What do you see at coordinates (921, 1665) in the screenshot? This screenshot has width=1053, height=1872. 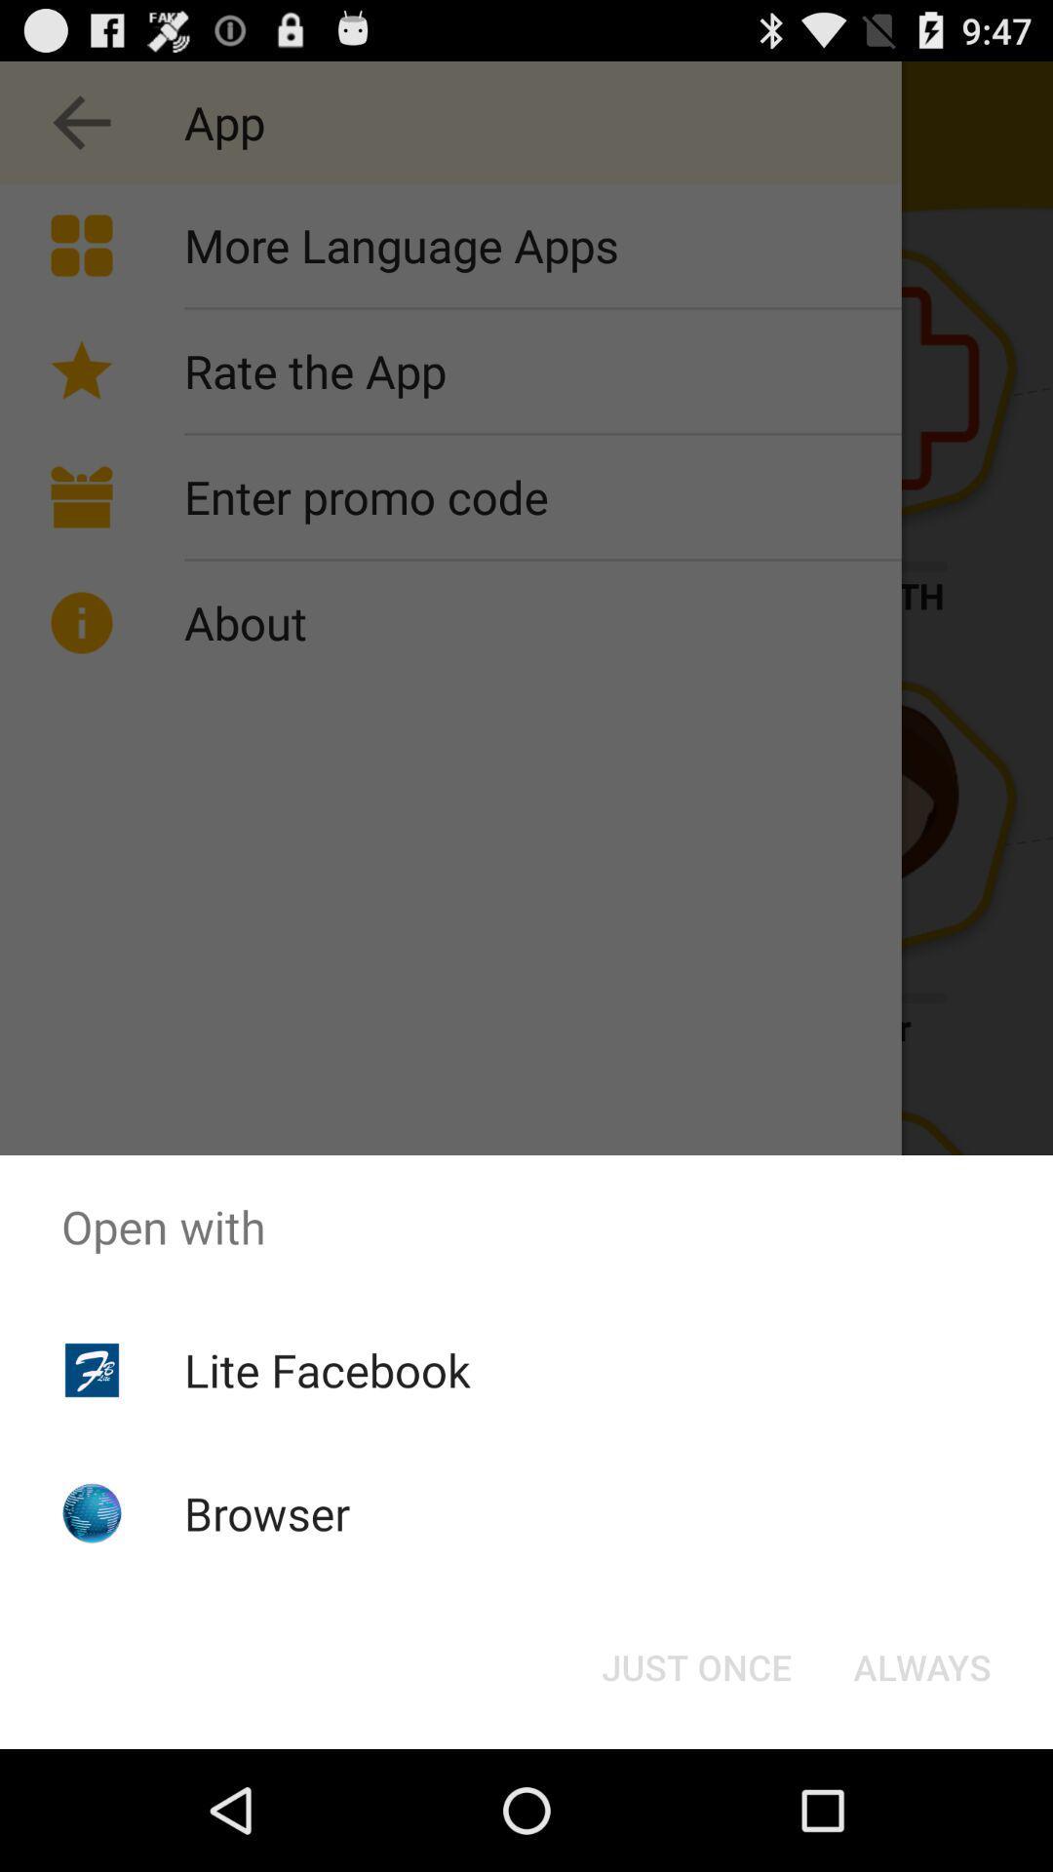 I see `item to the right of just once button` at bounding box center [921, 1665].